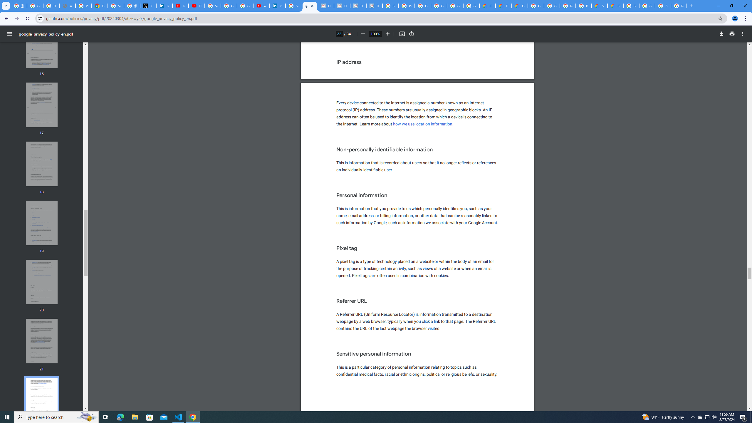 The height and width of the screenshot is (423, 752). What do you see at coordinates (42, 282) in the screenshot?
I see `'Thumbnail for page 20'` at bounding box center [42, 282].